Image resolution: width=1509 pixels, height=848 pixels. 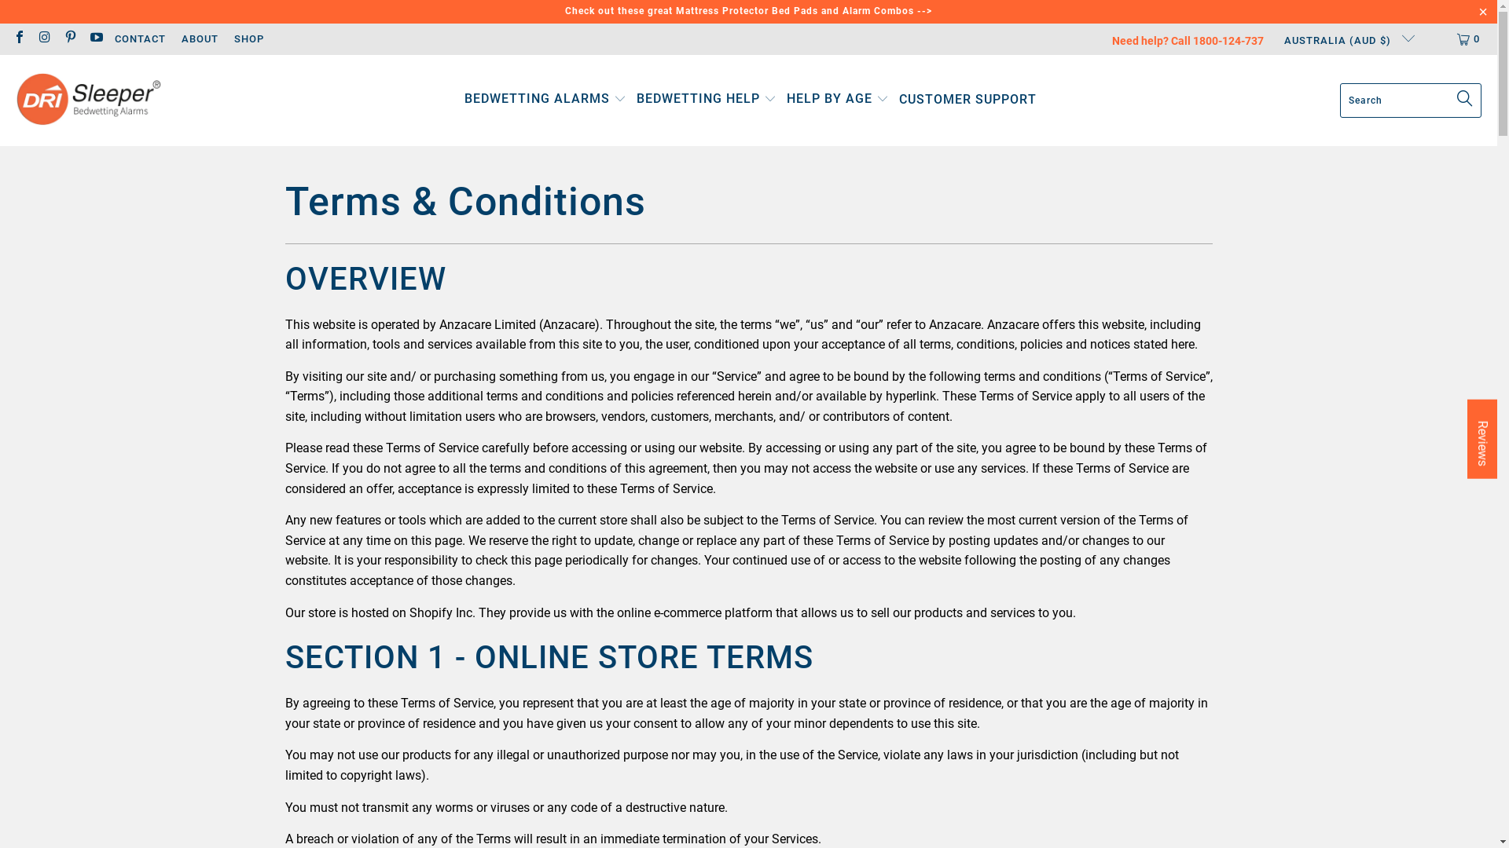 I want to click on 'DRI Sleeper Bedwetting Alarms on Instagram', so click(x=44, y=38).